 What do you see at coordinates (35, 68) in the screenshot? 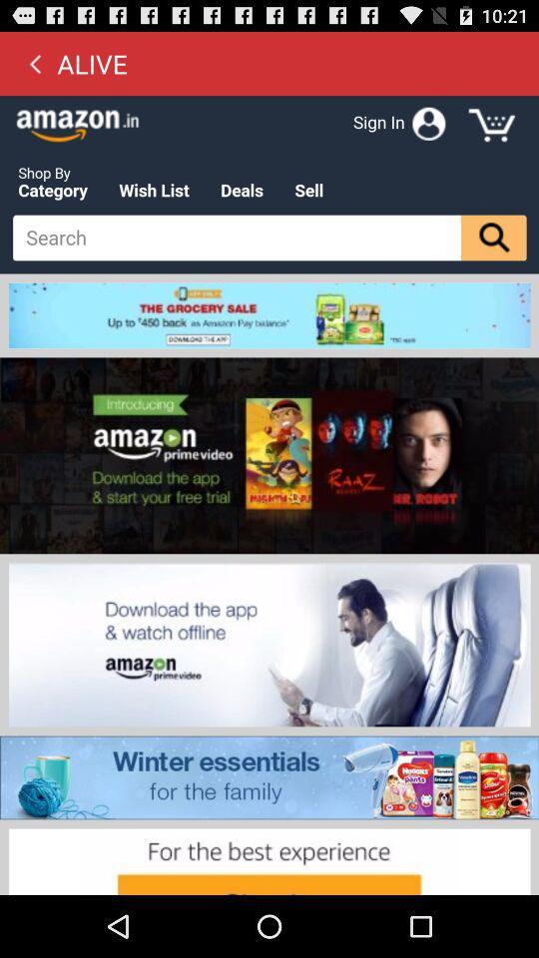
I see `the arrow_backward icon` at bounding box center [35, 68].